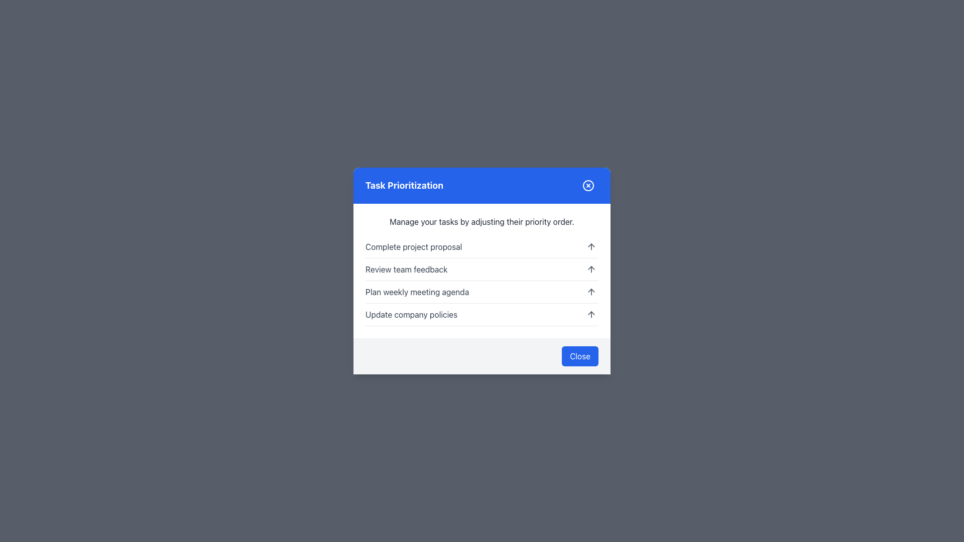 The height and width of the screenshot is (542, 964). What do you see at coordinates (406, 268) in the screenshot?
I see `the second text label in the 'Task Prioritization' modal, which displays a task name in the task prioritization list` at bounding box center [406, 268].